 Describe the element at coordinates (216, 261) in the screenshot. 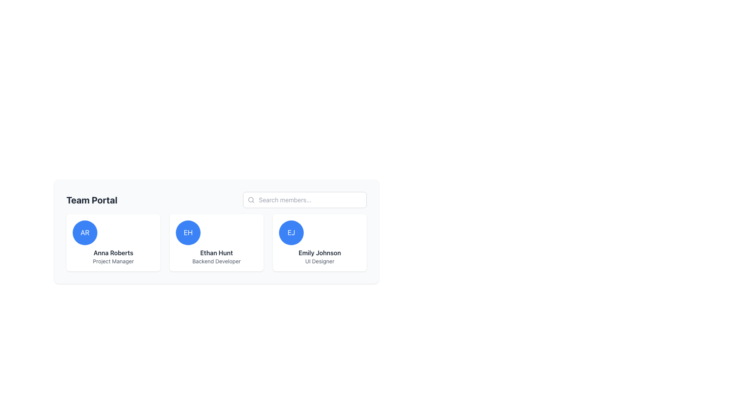

I see `the Text Label that provides descriptive information about the individual identified above it, located underneath the 'Ethan Hunt' headline and to the right of the circular initials 'EH'` at that location.